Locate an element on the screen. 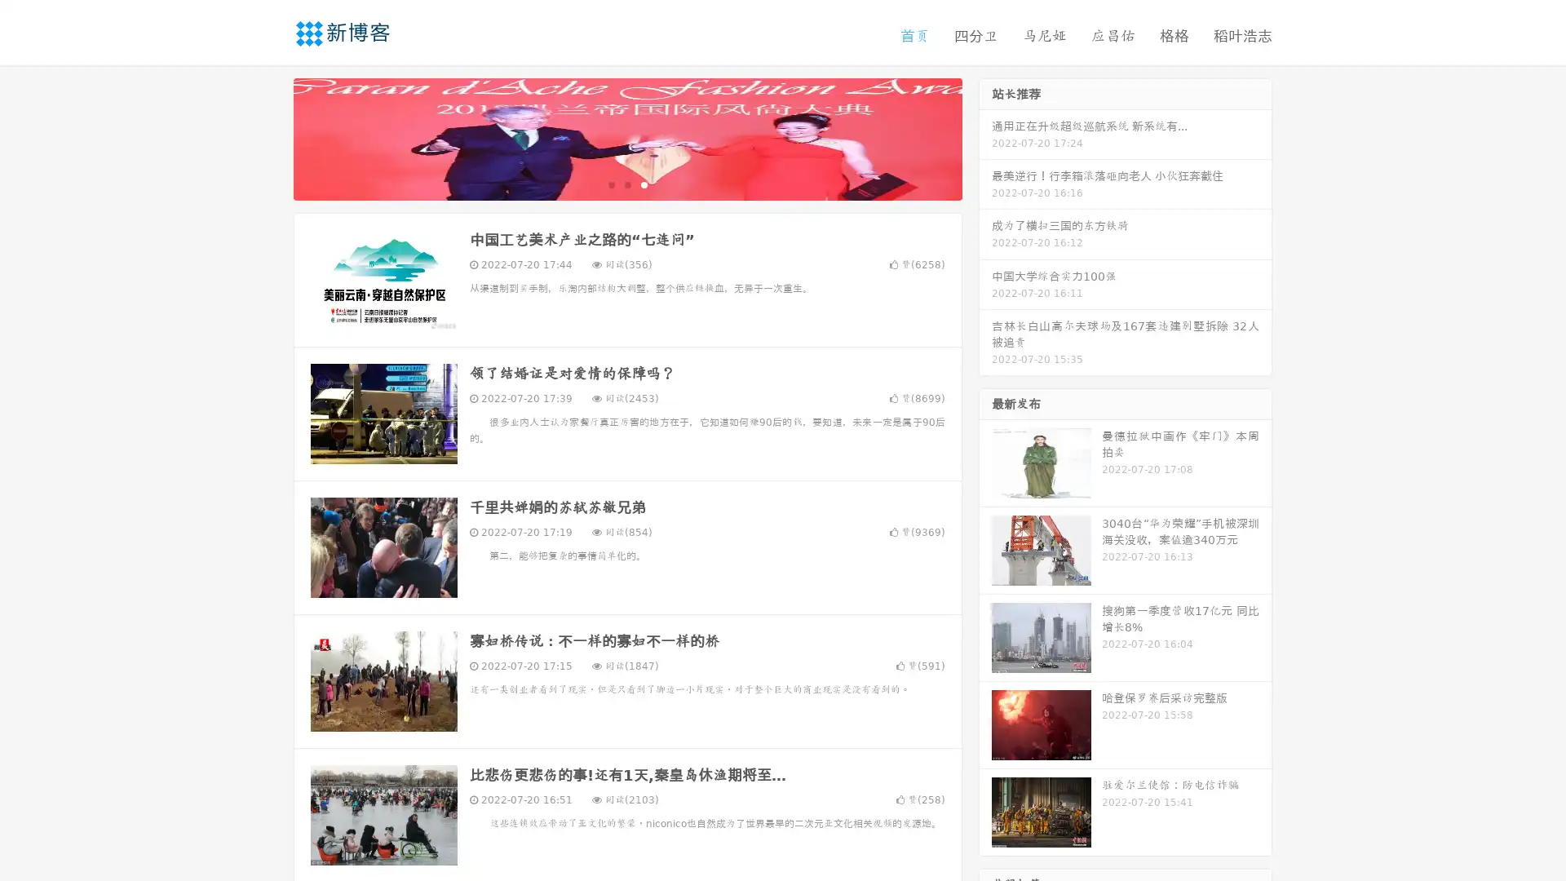  Go to slide 3 is located at coordinates (644, 184).